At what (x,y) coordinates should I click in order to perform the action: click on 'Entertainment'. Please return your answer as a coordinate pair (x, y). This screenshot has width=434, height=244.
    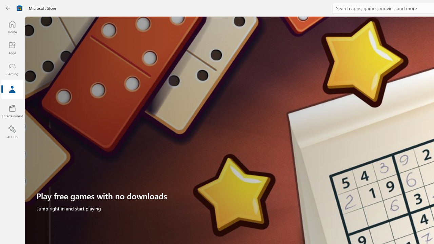
    Looking at the image, I should click on (12, 110).